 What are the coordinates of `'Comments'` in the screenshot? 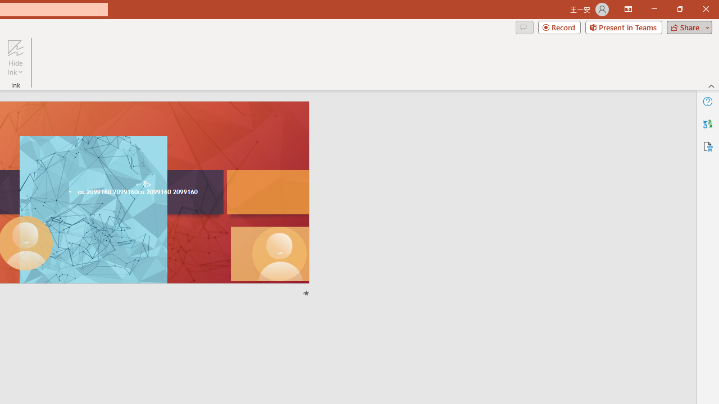 It's located at (524, 26).